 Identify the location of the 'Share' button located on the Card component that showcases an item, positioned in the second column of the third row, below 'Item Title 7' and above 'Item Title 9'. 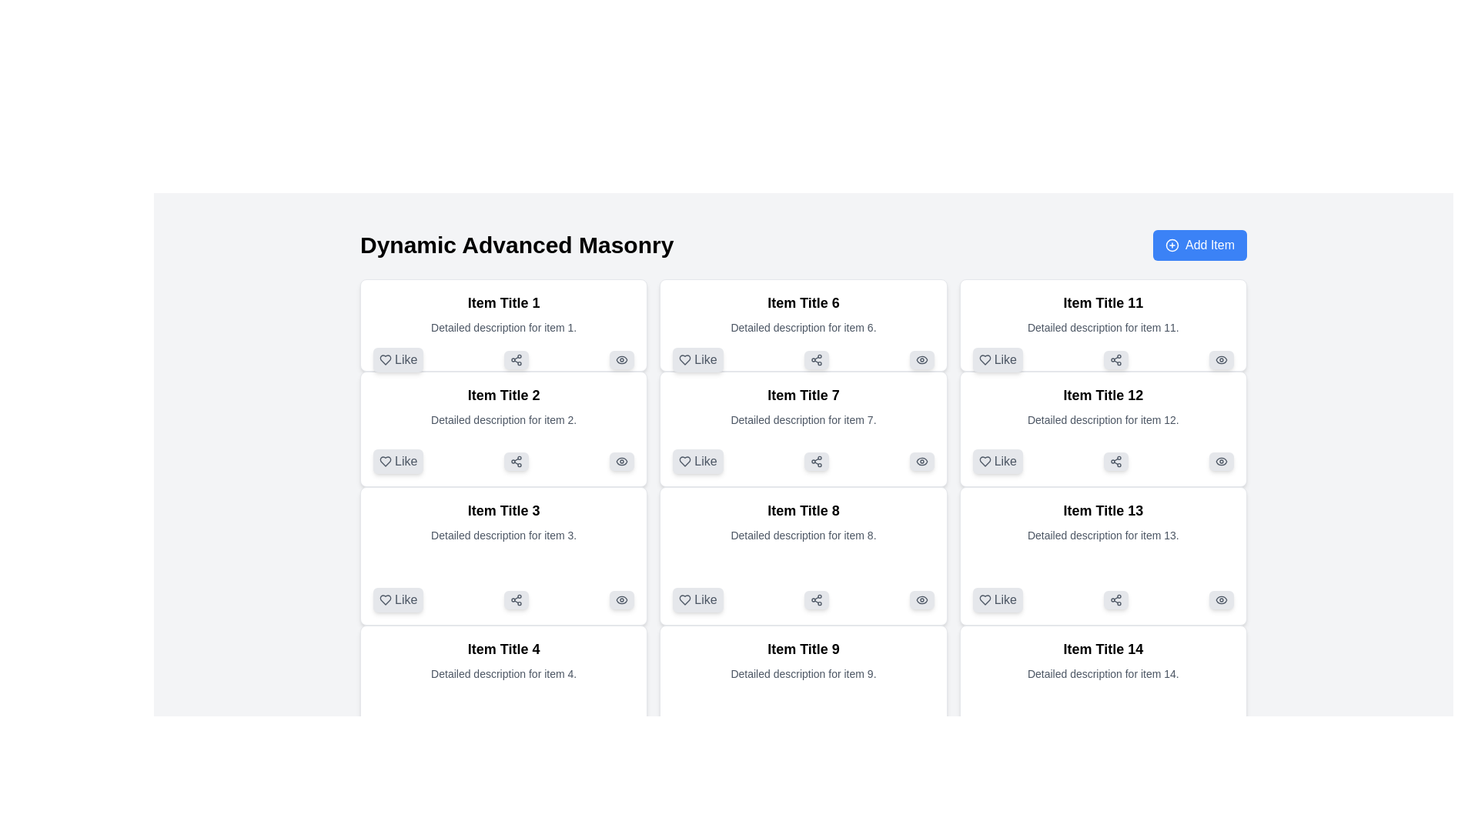
(802, 556).